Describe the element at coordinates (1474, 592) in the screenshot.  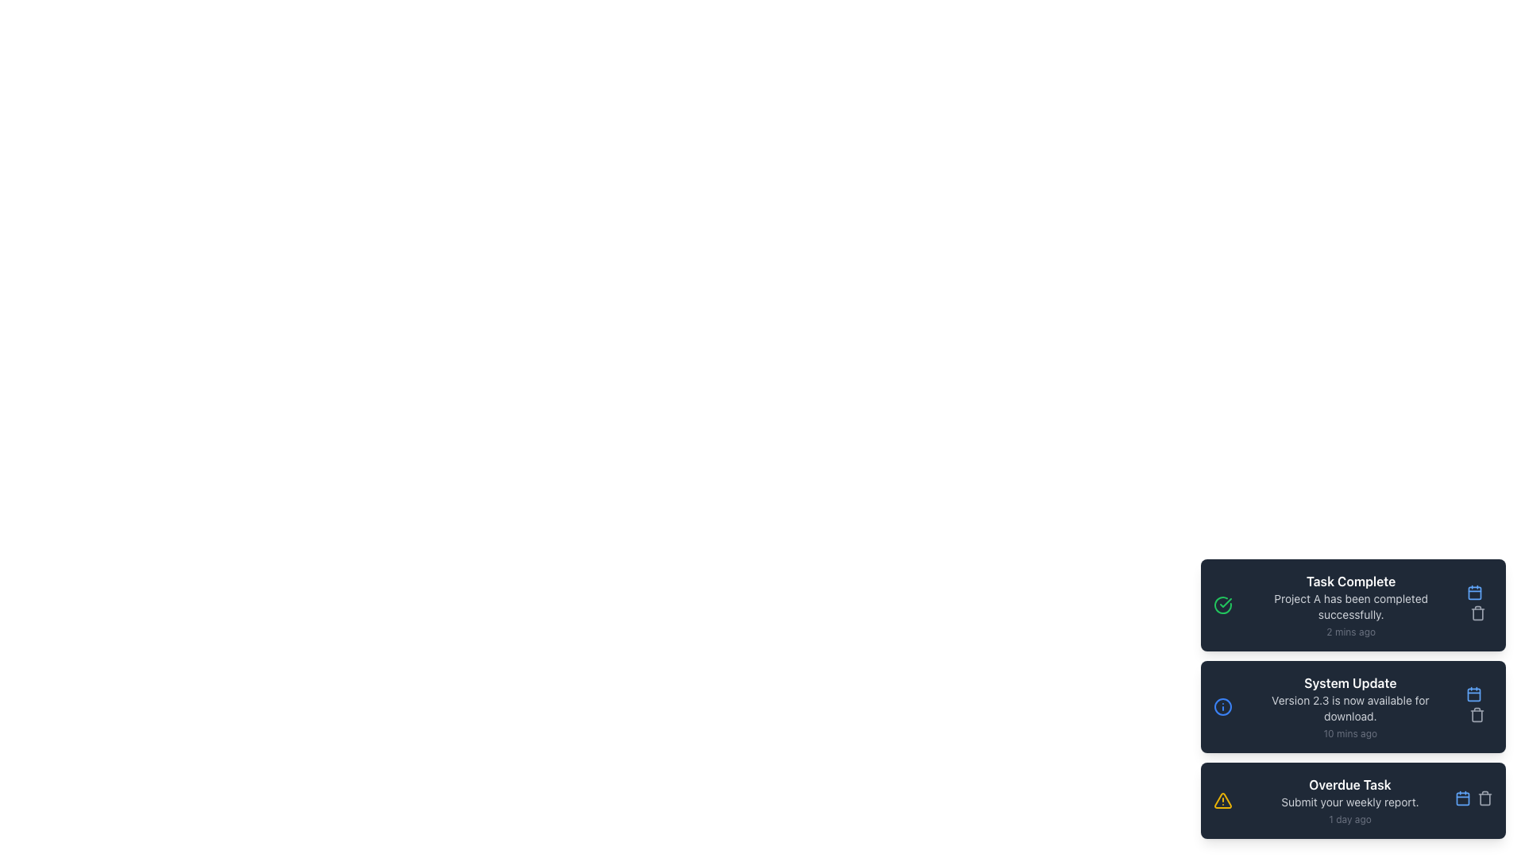
I see `the button located at the bottom-right corner of the notification card` at that location.